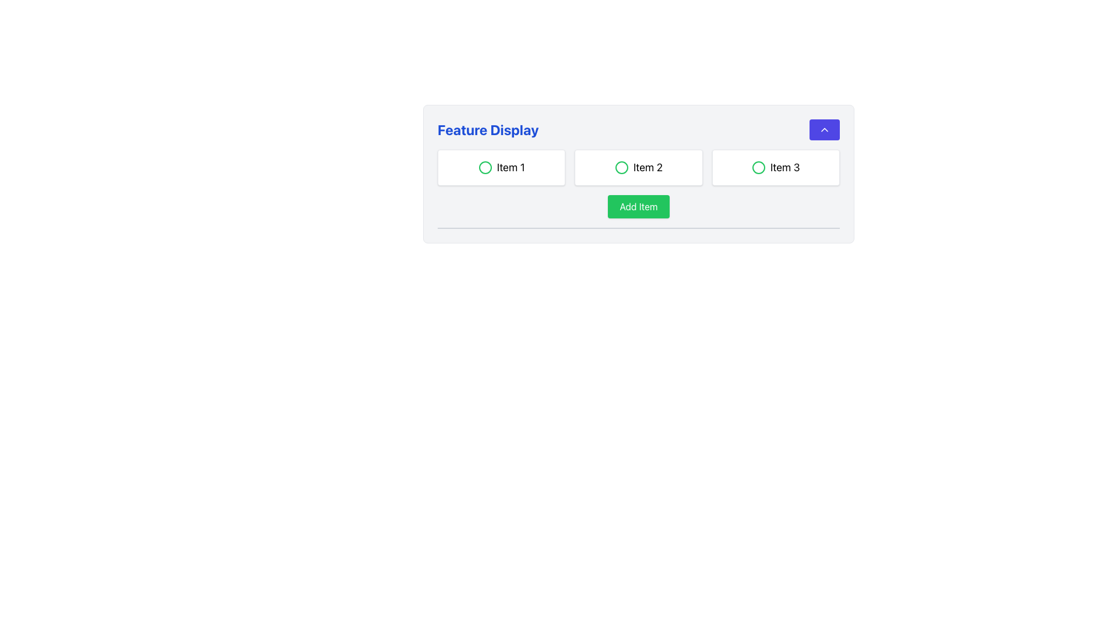  Describe the element at coordinates (776, 168) in the screenshot. I see `the third selectable card in the 'Feature Display' section, which has a white background, rounded corners, and contains the text 'Item 3' with a green circled icon` at that location.